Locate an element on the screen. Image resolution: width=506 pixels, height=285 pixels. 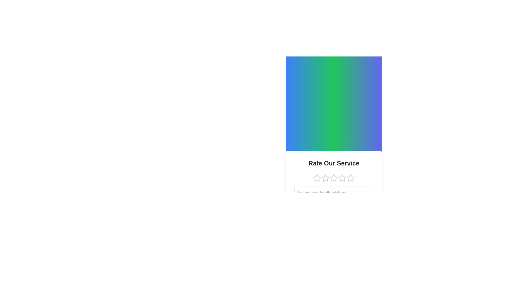
the fourth rating star icon in the row of five, located under the 'Rate Our Service' label is located at coordinates (334, 178).